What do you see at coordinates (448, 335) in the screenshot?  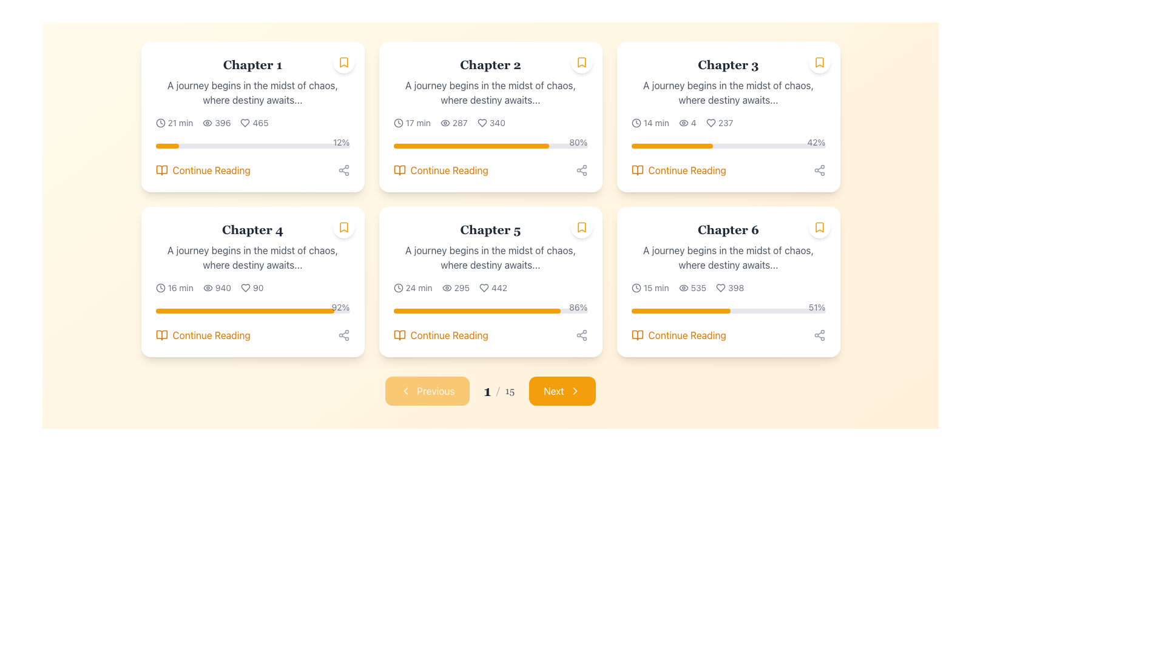 I see `the call-to-action link/button located at the bottom left of the card displaying 'Chapter 5'` at bounding box center [448, 335].